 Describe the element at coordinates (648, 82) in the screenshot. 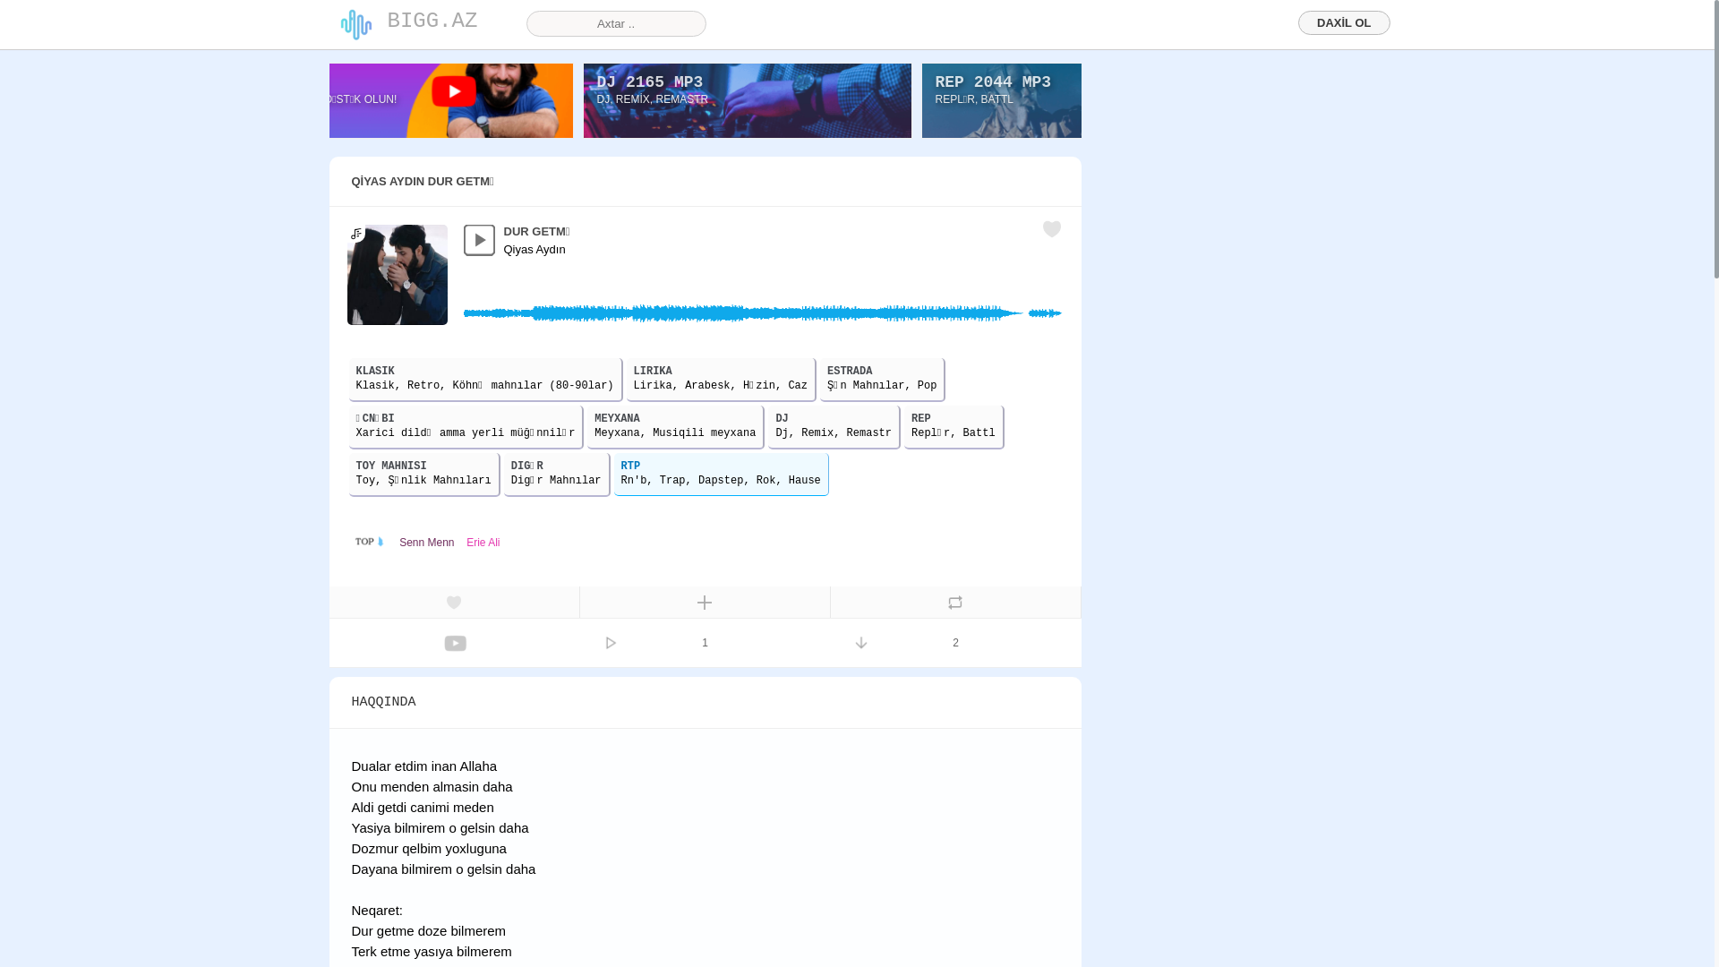

I see `'DJ 2165 MP3'` at that location.